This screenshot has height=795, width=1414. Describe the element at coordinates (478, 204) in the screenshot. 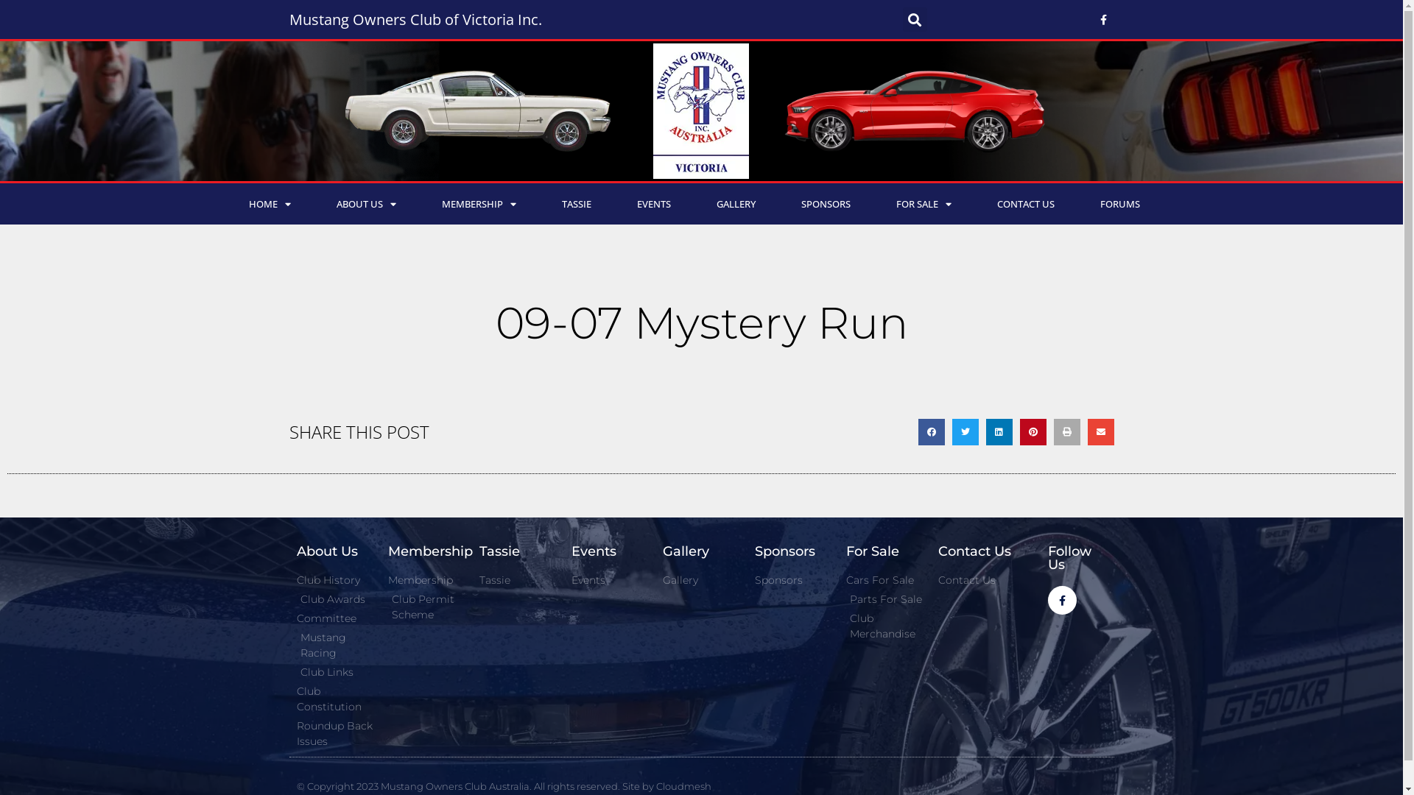

I see `'MEMBERSHIP'` at that location.